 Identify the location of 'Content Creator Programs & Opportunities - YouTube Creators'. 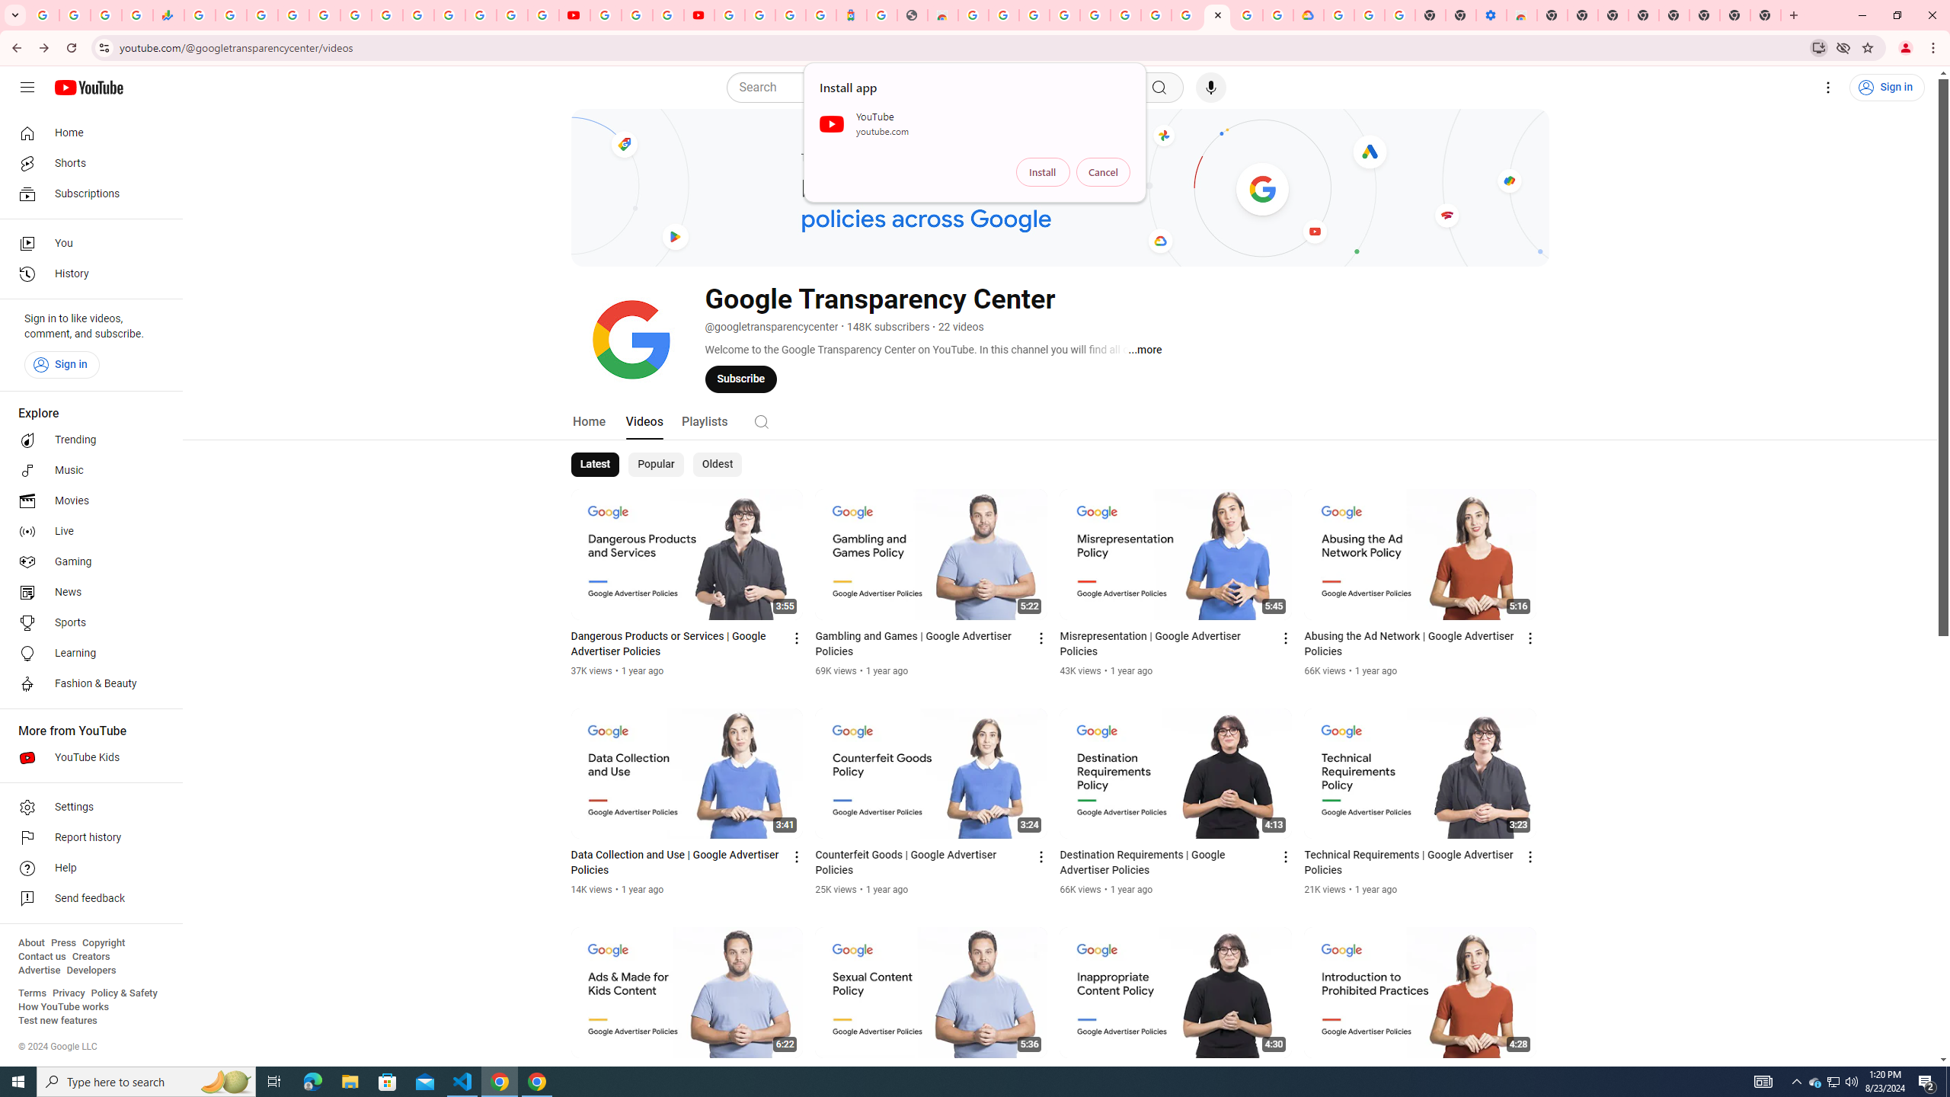
(698, 14).